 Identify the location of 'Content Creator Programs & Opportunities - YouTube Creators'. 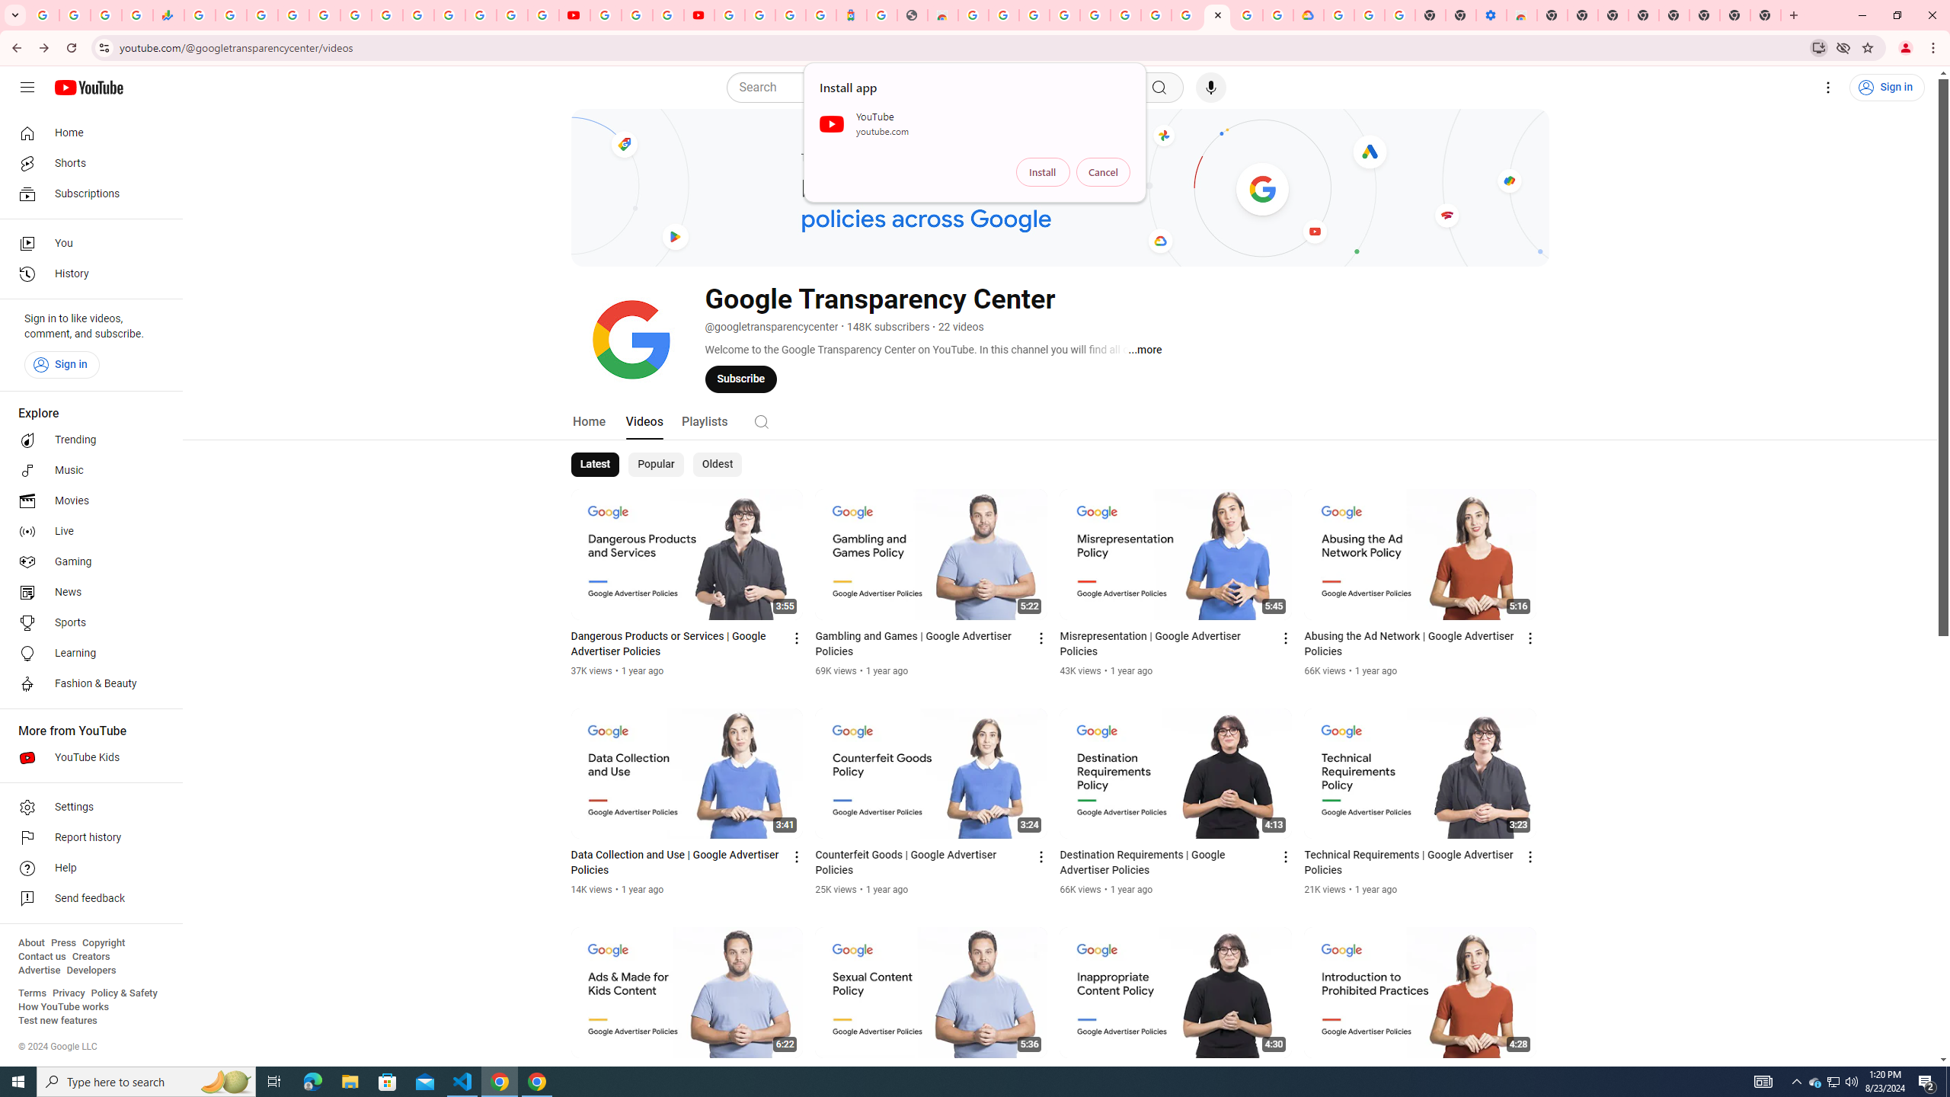
(698, 14).